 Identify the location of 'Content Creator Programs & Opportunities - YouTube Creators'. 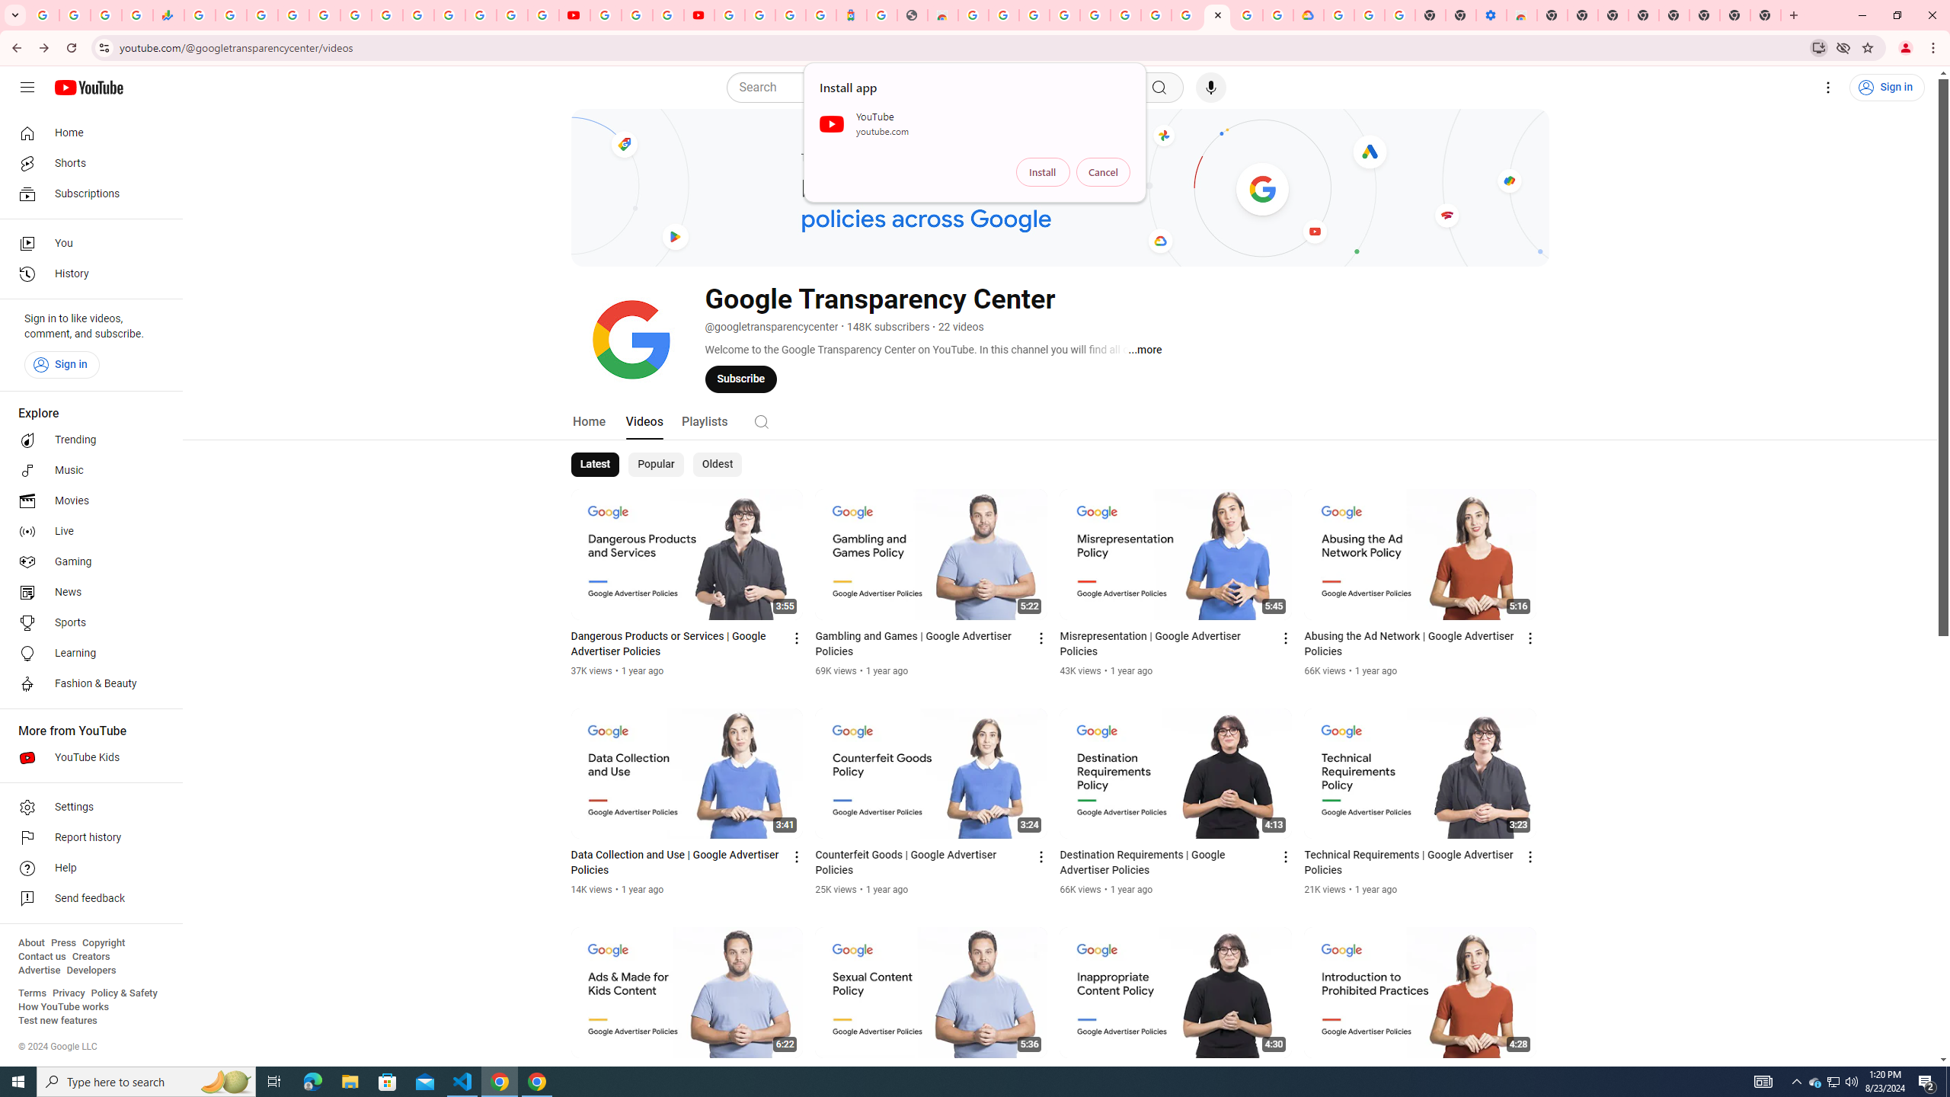
(698, 14).